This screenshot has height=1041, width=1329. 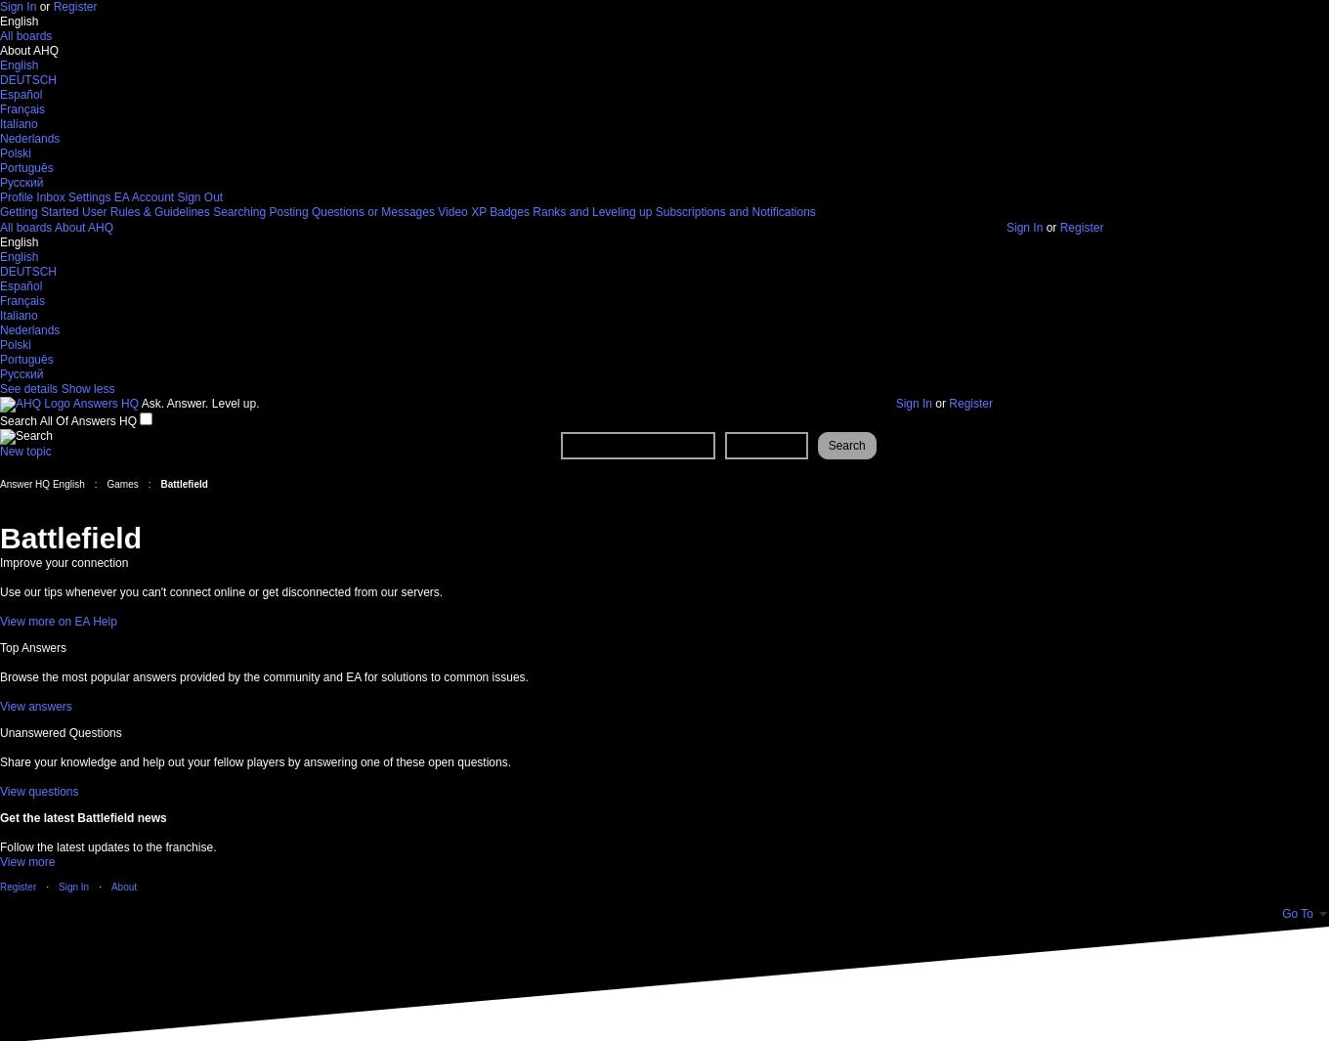 I want to click on 'Ranks and Leveling up', so click(x=531, y=211).